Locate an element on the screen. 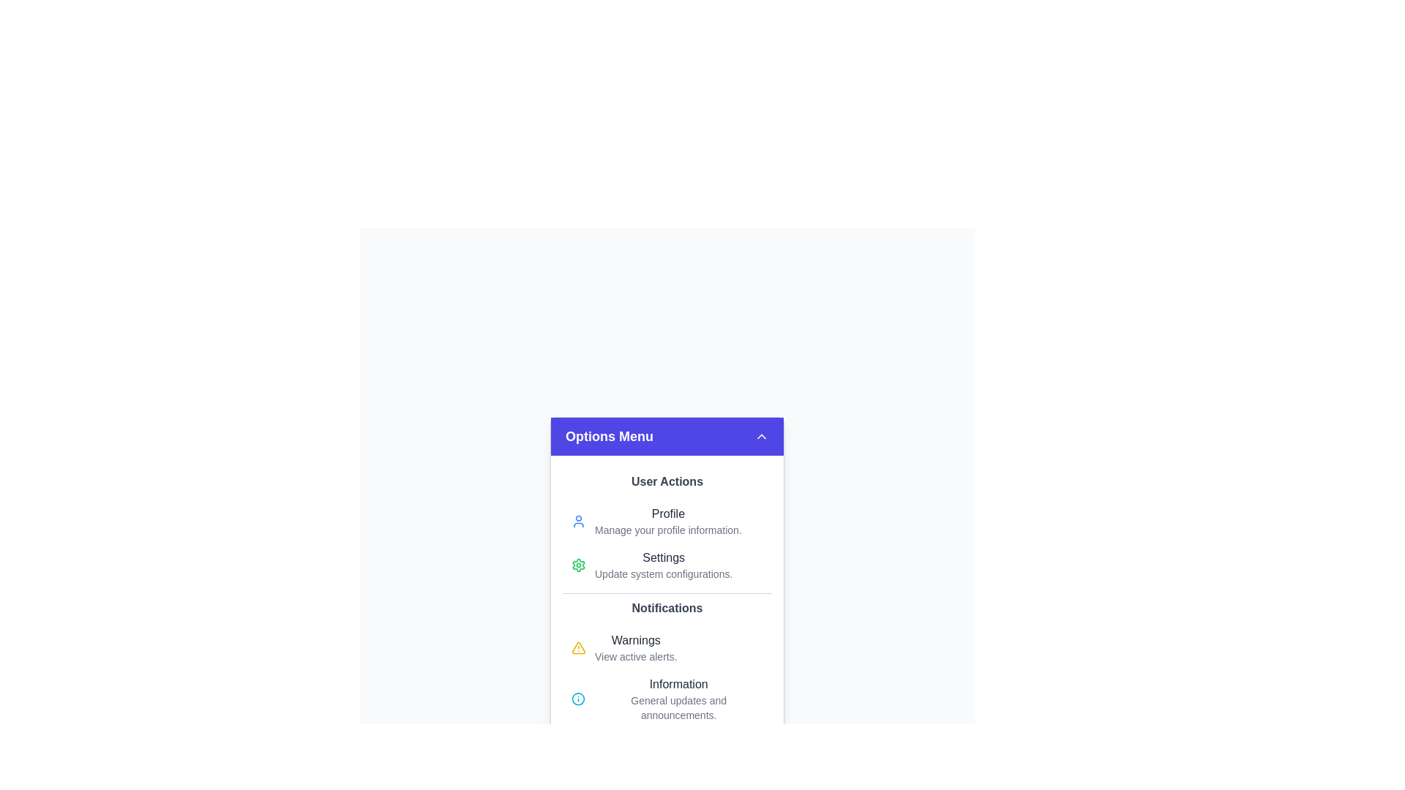 The width and height of the screenshot is (1405, 790). the button located is located at coordinates (667, 699).